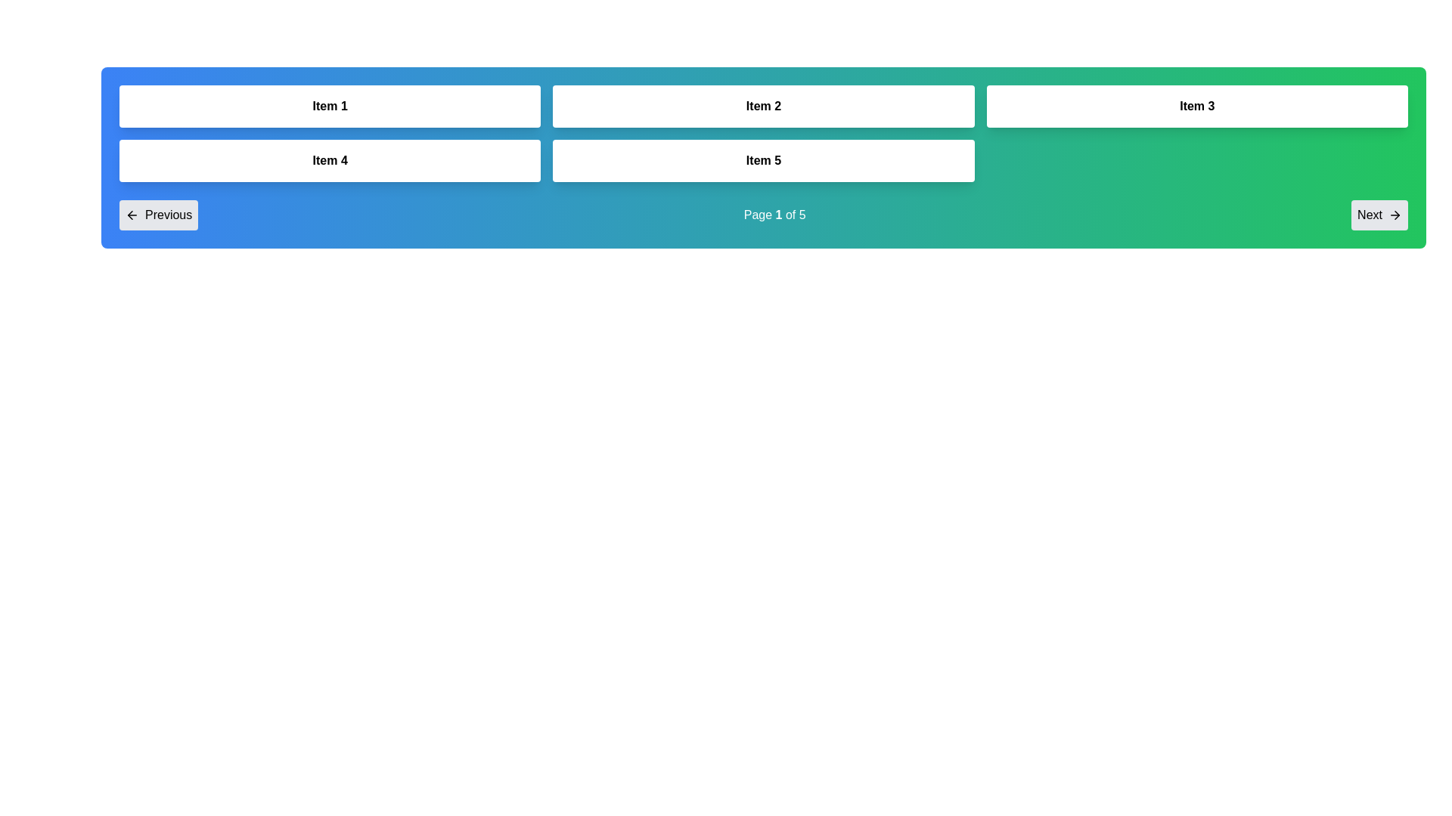 This screenshot has height=816, width=1452. Describe the element at coordinates (329, 160) in the screenshot. I see `the Label card displaying 'Item 4', which is a rectangular box with a white background and rounded corners, located in the grid layout beneath 'Item 1'` at that location.